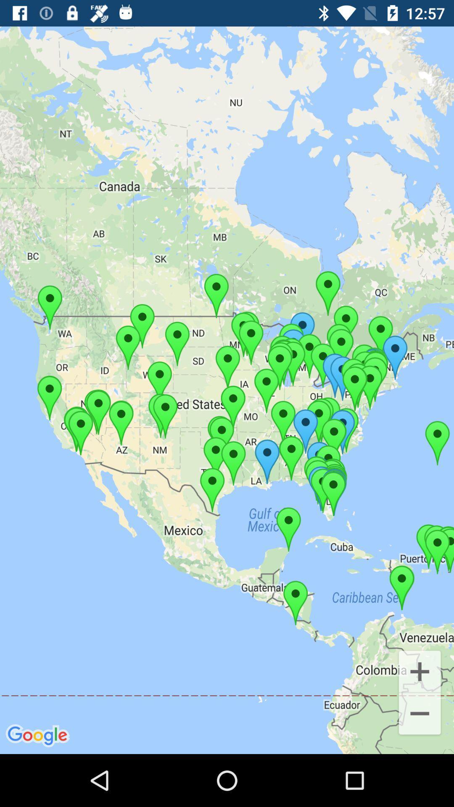  What do you see at coordinates (420, 670) in the screenshot?
I see `the add icon` at bounding box center [420, 670].